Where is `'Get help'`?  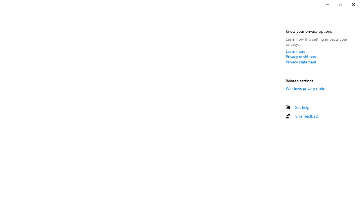
'Get help' is located at coordinates (302, 107).